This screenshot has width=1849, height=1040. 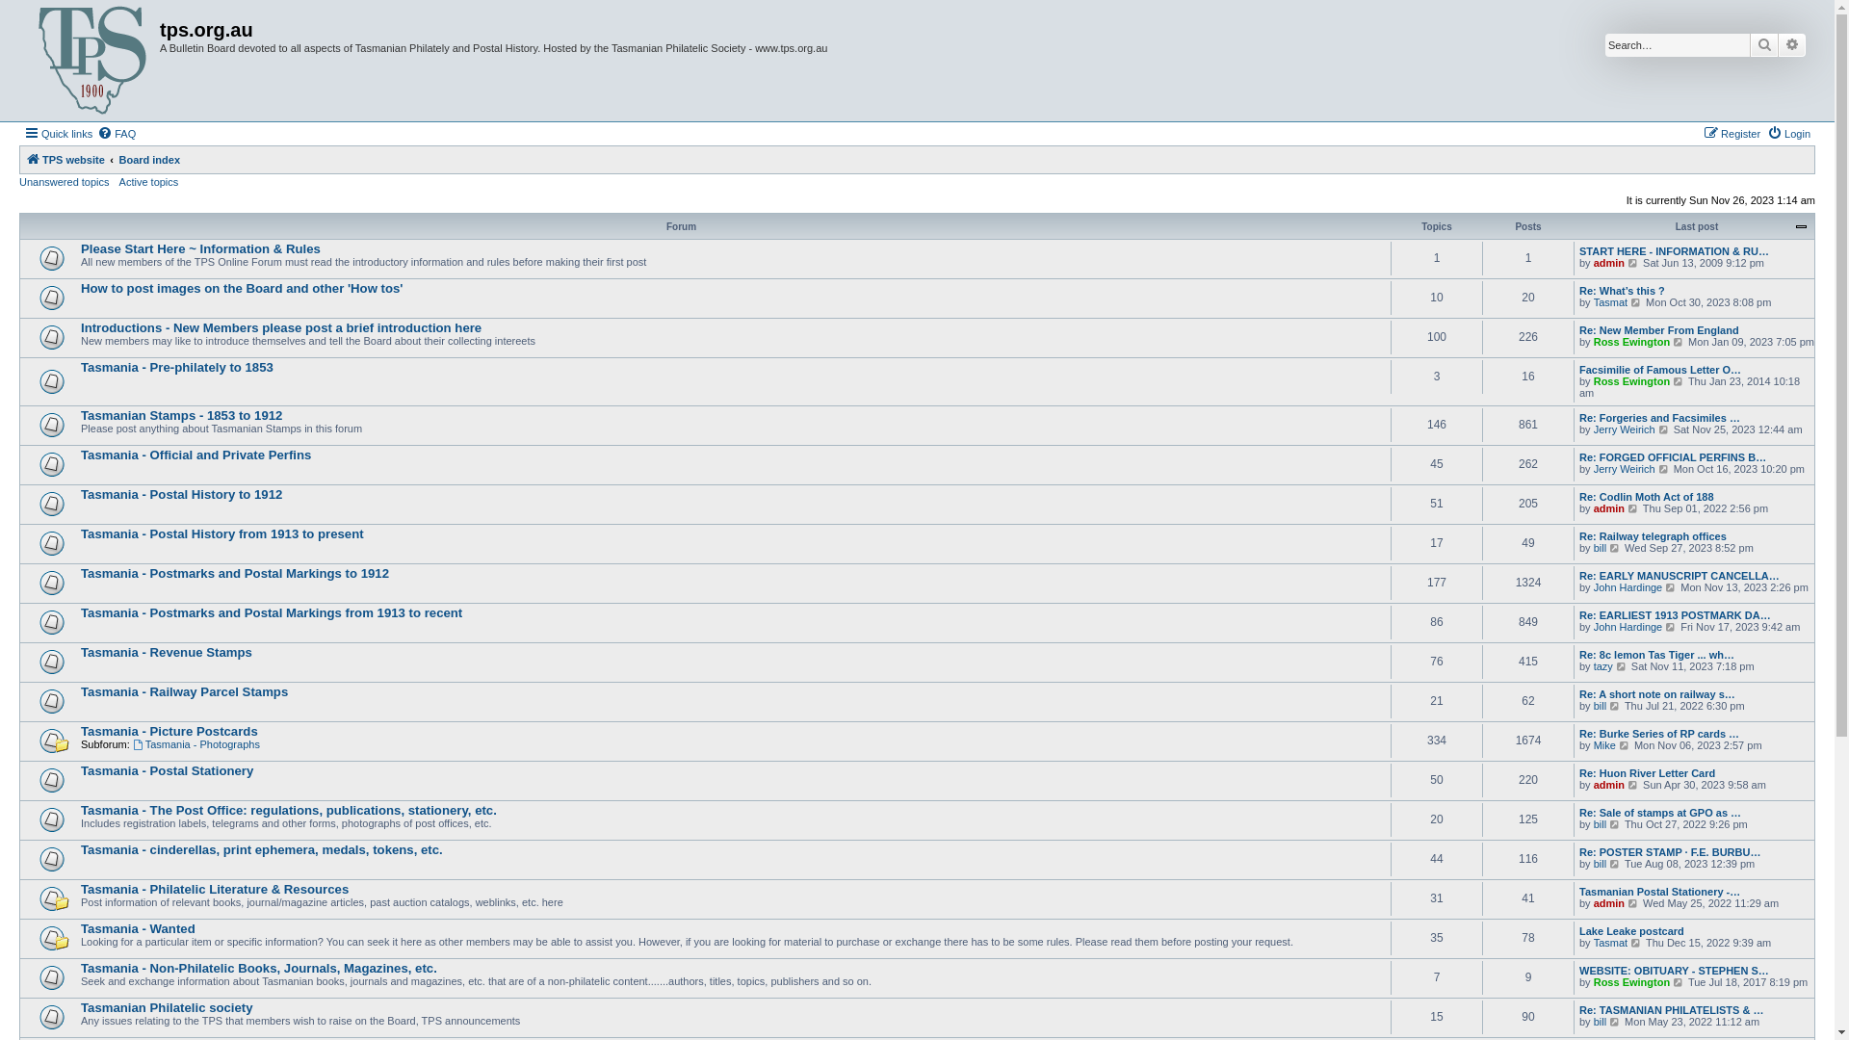 What do you see at coordinates (221, 533) in the screenshot?
I see `'Tasmania - Postal History from 1913 to present'` at bounding box center [221, 533].